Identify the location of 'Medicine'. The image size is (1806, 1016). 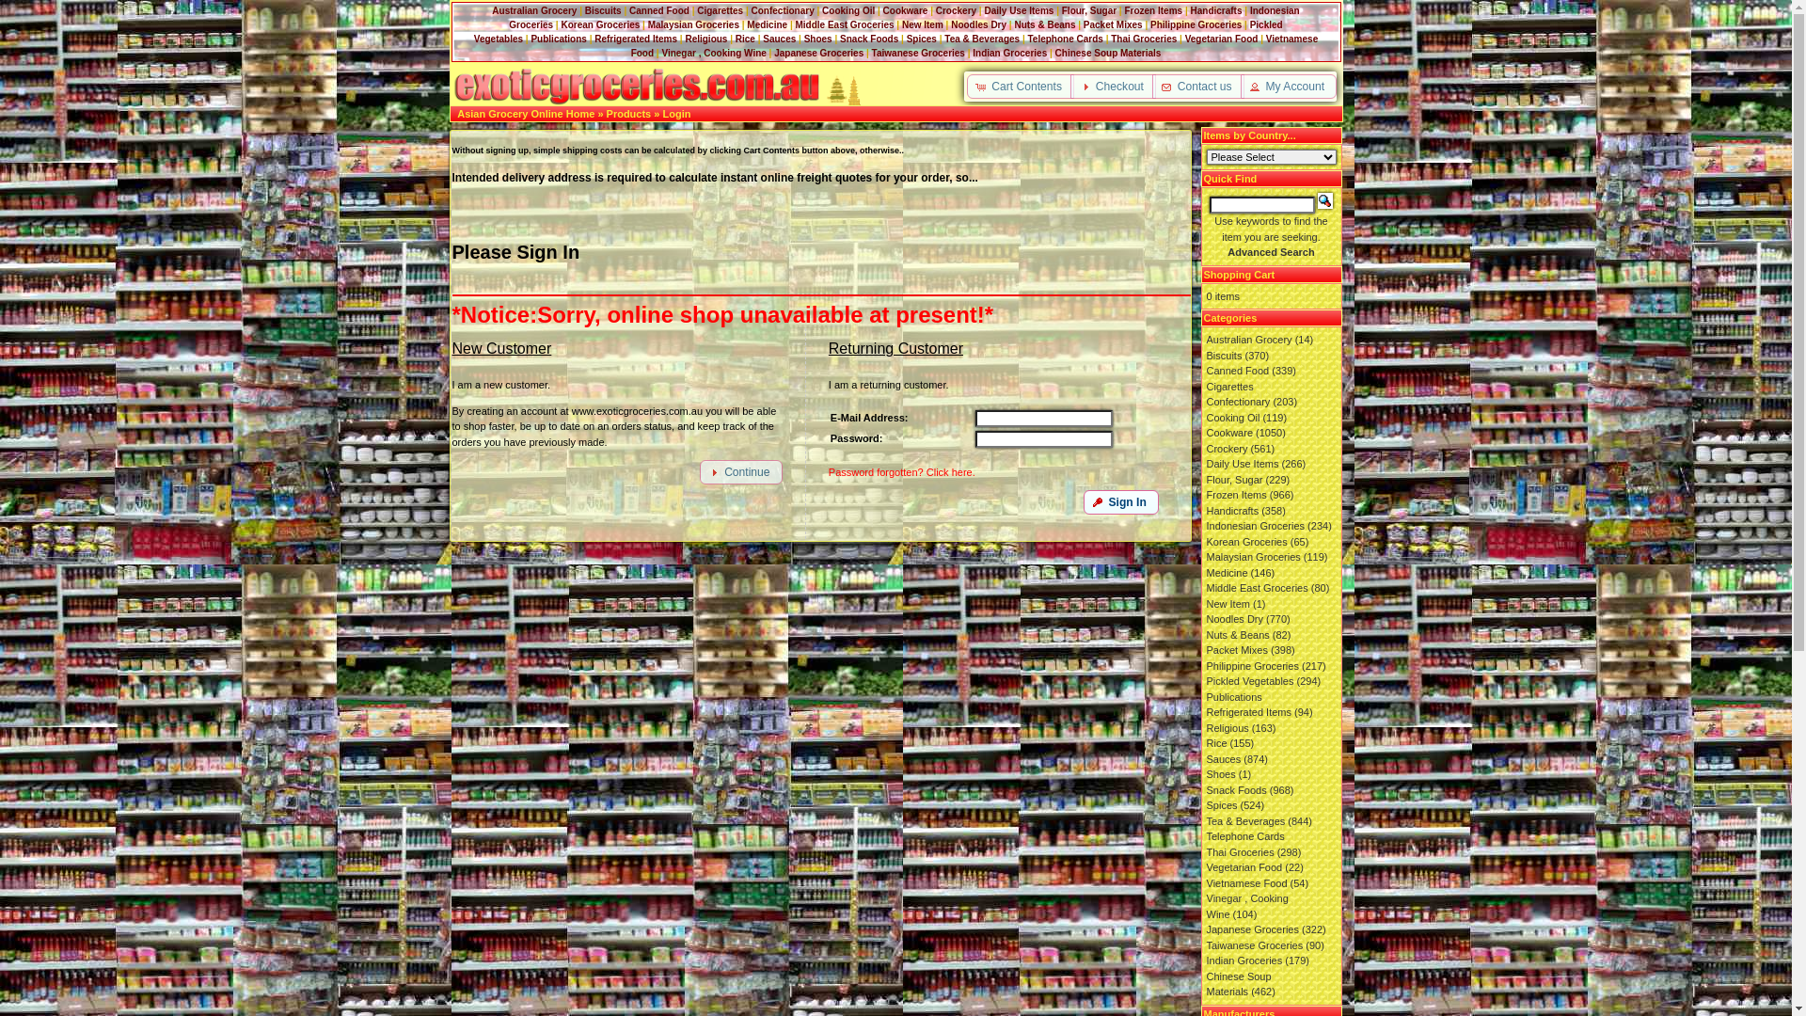
(767, 24).